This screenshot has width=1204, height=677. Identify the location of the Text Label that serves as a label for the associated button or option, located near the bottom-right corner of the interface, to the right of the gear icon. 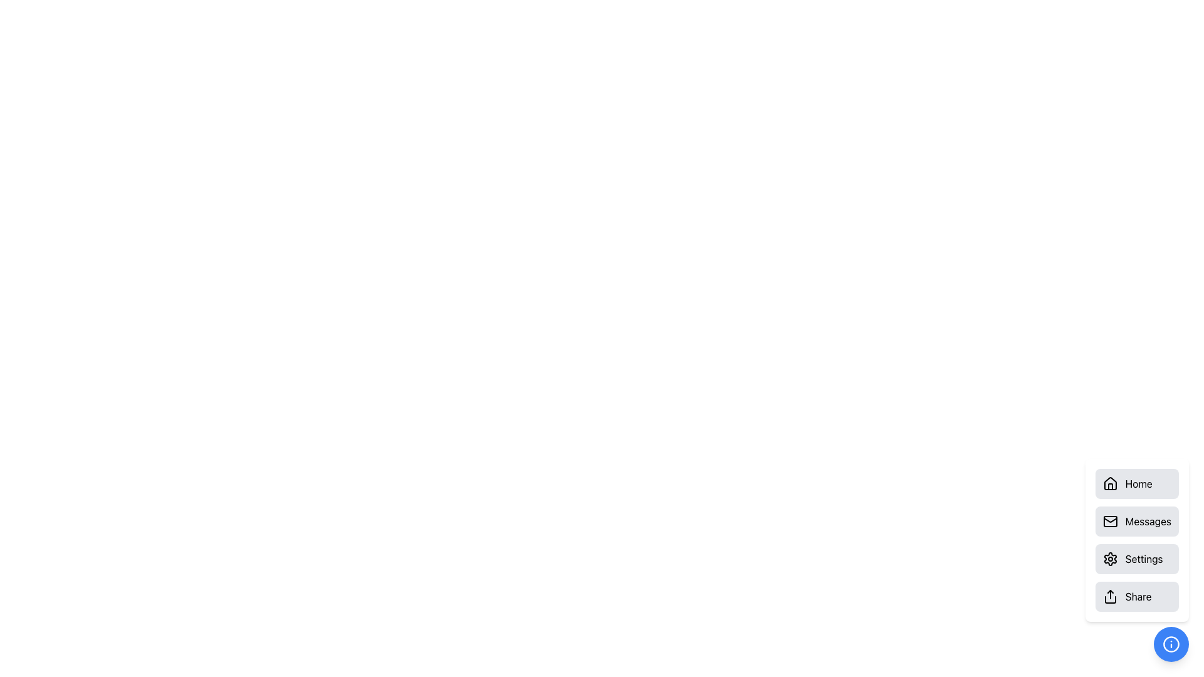
(1144, 558).